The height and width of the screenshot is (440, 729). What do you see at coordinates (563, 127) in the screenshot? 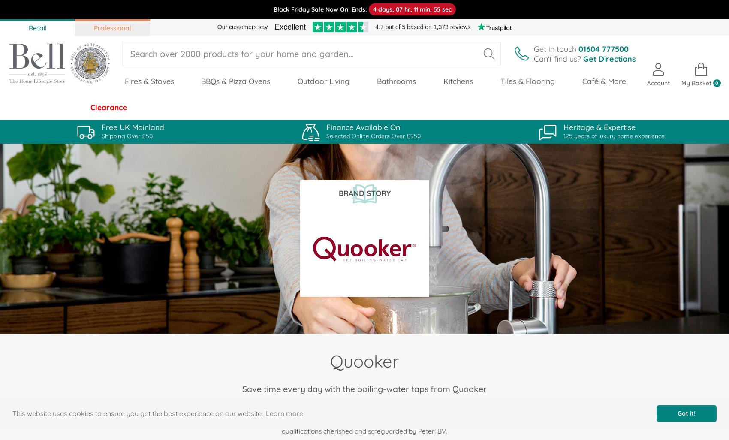
I see `'Heritage & Expertise'` at bounding box center [563, 127].